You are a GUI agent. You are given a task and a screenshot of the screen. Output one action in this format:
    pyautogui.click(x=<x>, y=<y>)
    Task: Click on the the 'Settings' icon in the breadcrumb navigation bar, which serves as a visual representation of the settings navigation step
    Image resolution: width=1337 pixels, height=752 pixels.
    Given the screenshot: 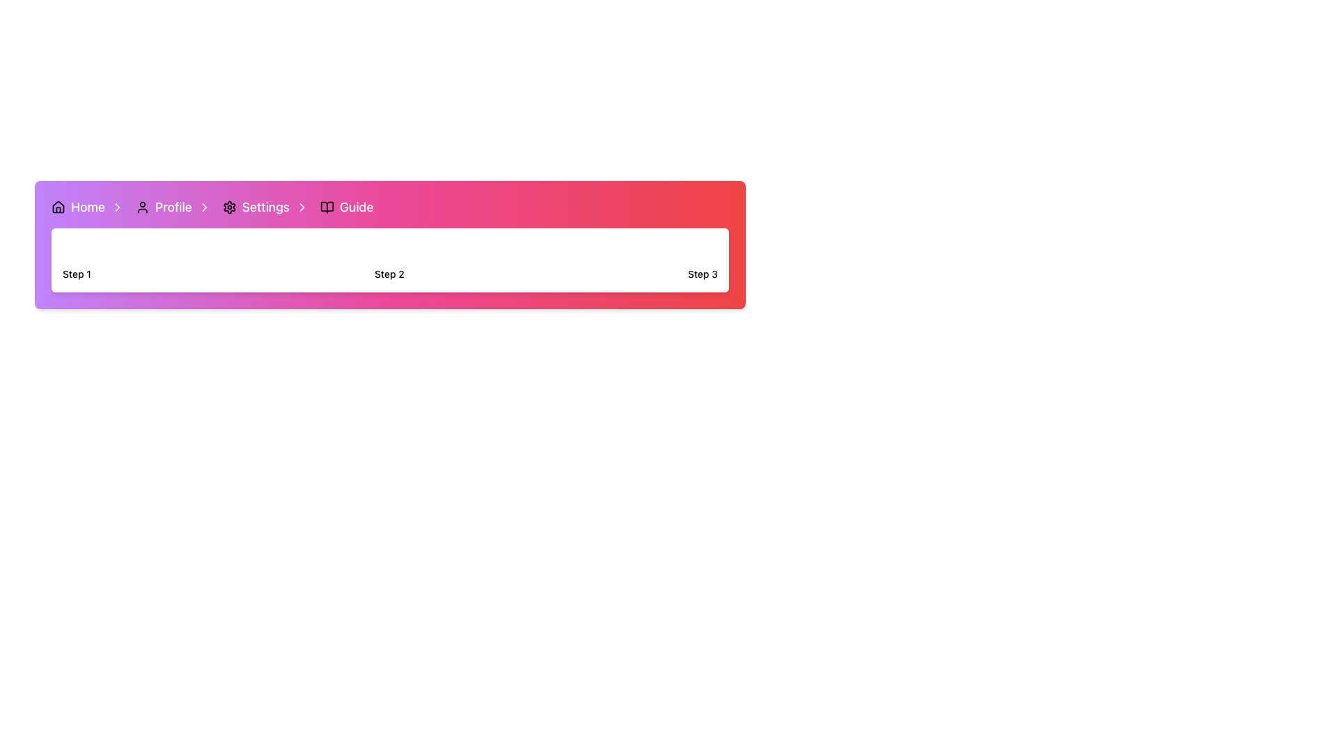 What is the action you would take?
    pyautogui.click(x=229, y=207)
    